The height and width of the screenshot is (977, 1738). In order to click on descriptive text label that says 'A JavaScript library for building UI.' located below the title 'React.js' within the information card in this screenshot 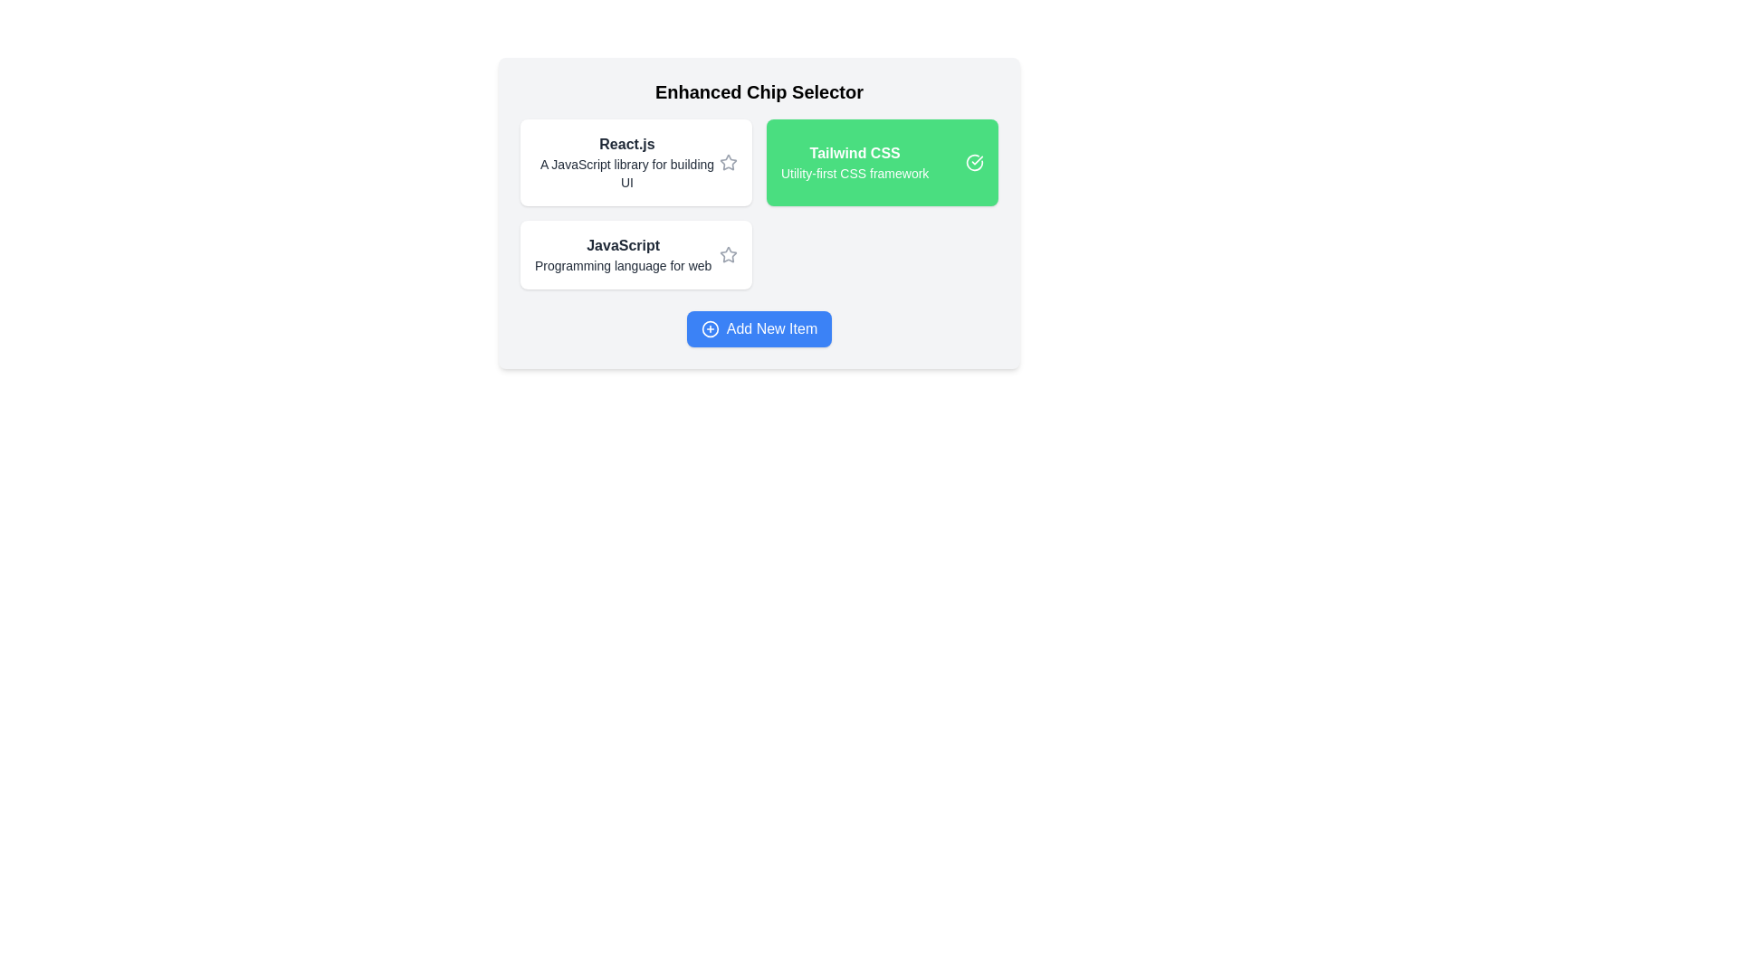, I will do `click(626, 174)`.